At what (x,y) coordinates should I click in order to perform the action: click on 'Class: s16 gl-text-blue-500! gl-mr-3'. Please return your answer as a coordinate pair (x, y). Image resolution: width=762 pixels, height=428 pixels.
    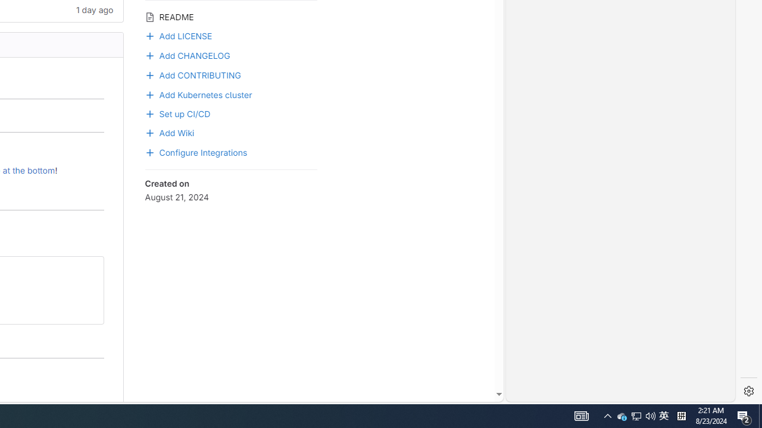
    Looking at the image, I should click on (149, 75).